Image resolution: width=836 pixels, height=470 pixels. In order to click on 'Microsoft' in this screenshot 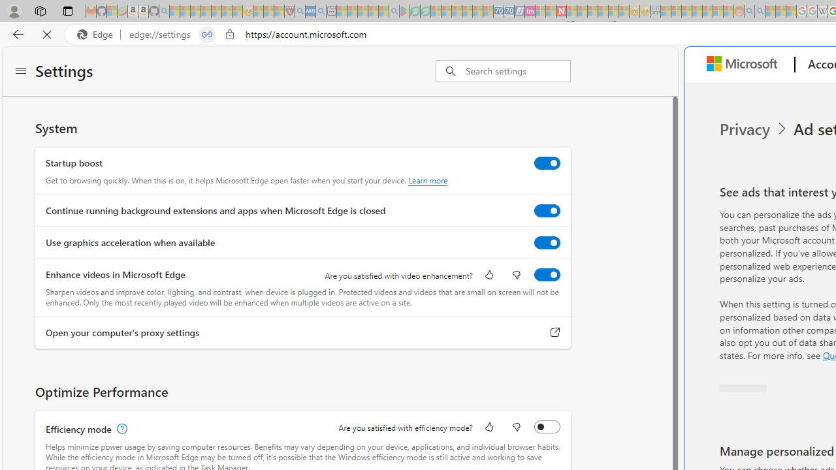, I will do `click(745, 65)`.